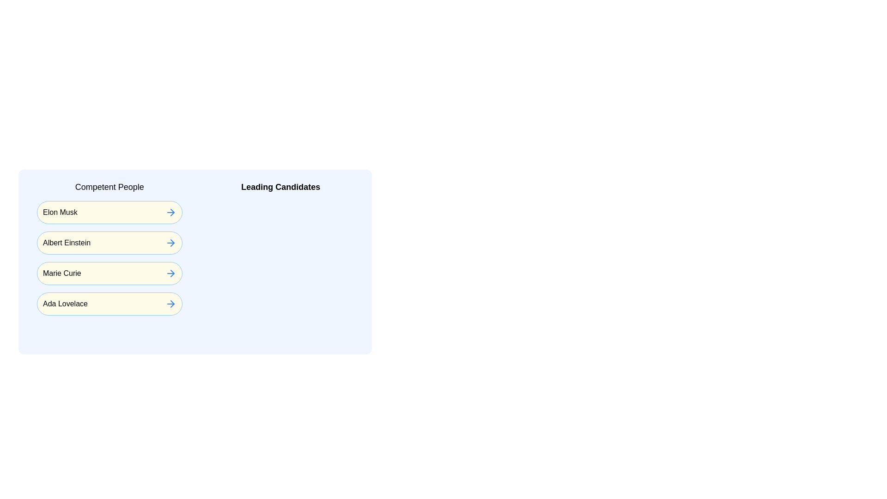 The height and width of the screenshot is (499, 887). Describe the element at coordinates (170, 273) in the screenshot. I see `arrow next to the name of Marie Curie in the 'Competent People' list to assign them to 'Leading Candidates'` at that location.